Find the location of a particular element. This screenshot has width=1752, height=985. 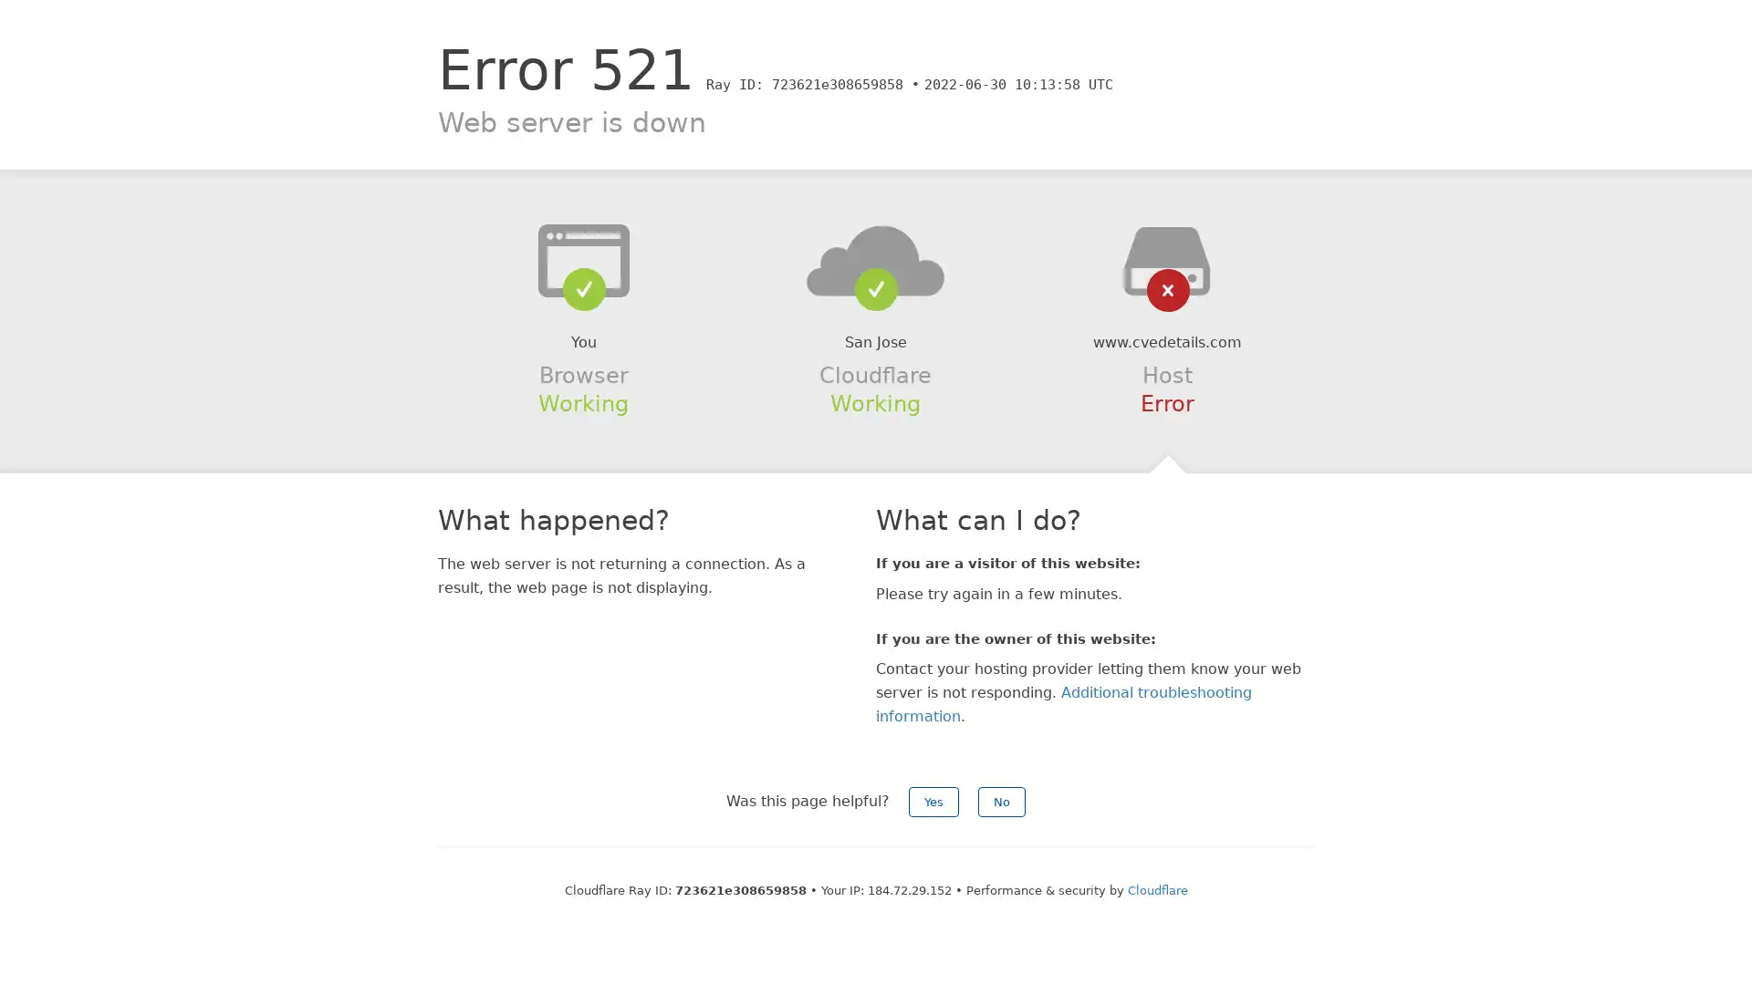

No is located at coordinates (1001, 801).